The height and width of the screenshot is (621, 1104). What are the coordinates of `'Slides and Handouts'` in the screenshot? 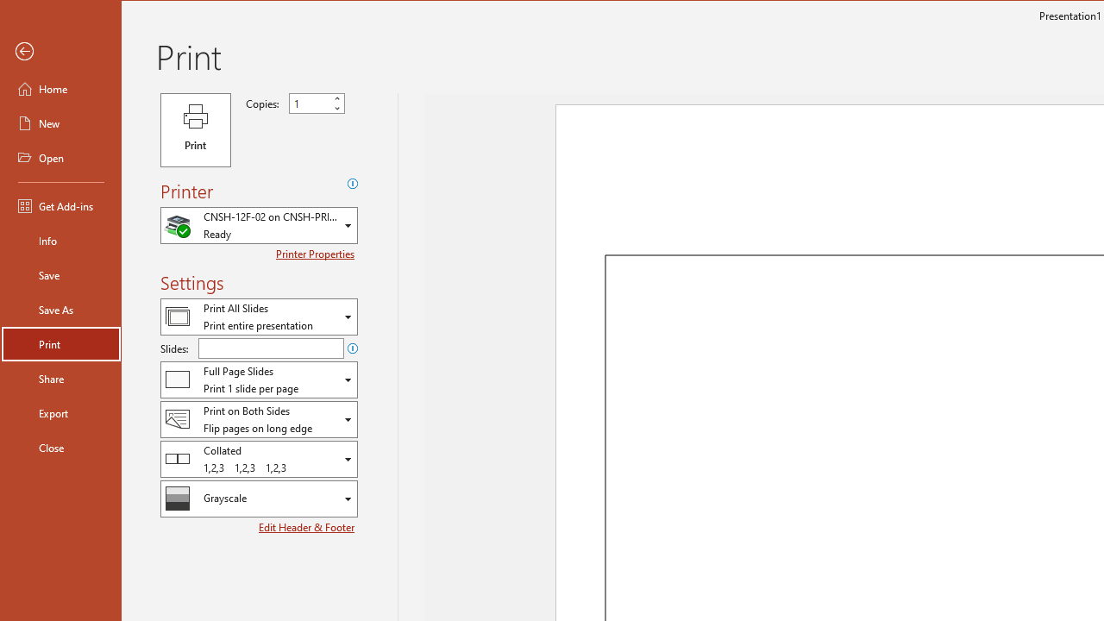 It's located at (258, 379).